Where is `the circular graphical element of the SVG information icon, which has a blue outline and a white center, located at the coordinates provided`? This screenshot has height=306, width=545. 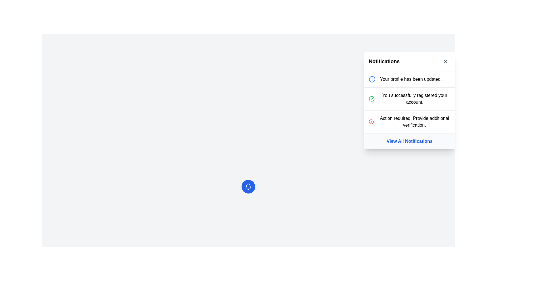
the circular graphical element of the SVG information icon, which has a blue outline and a white center, located at the coordinates provided is located at coordinates (372, 79).